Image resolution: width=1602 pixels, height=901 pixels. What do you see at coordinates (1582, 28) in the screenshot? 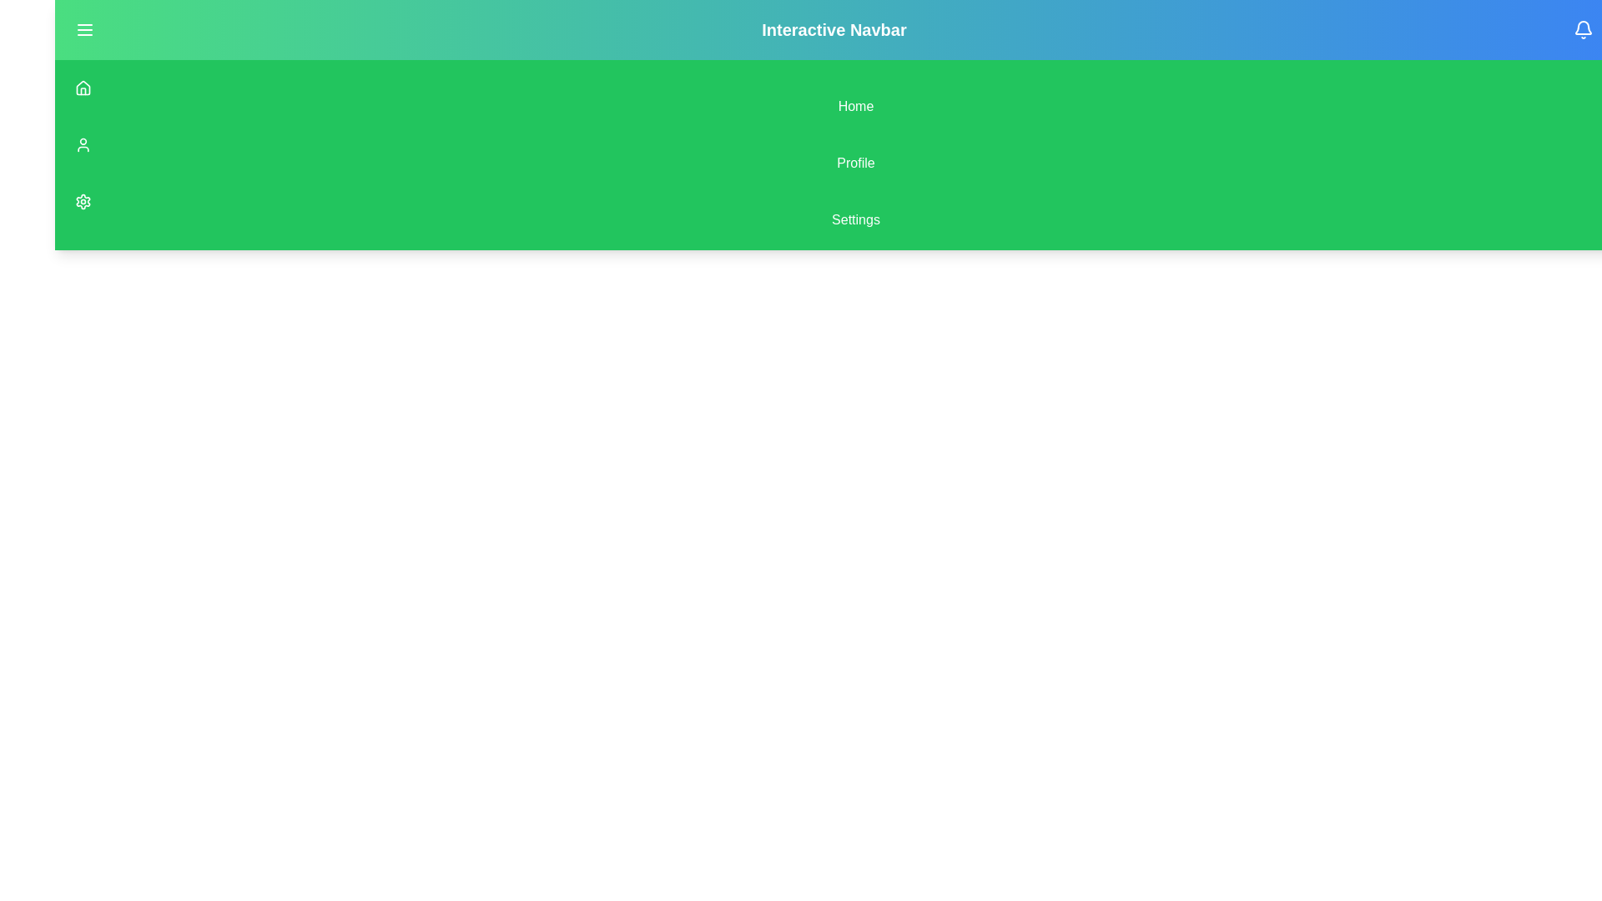
I see `the notification indicator element, which is part of the bell icon located at the top-right corner of the interface` at bounding box center [1582, 28].